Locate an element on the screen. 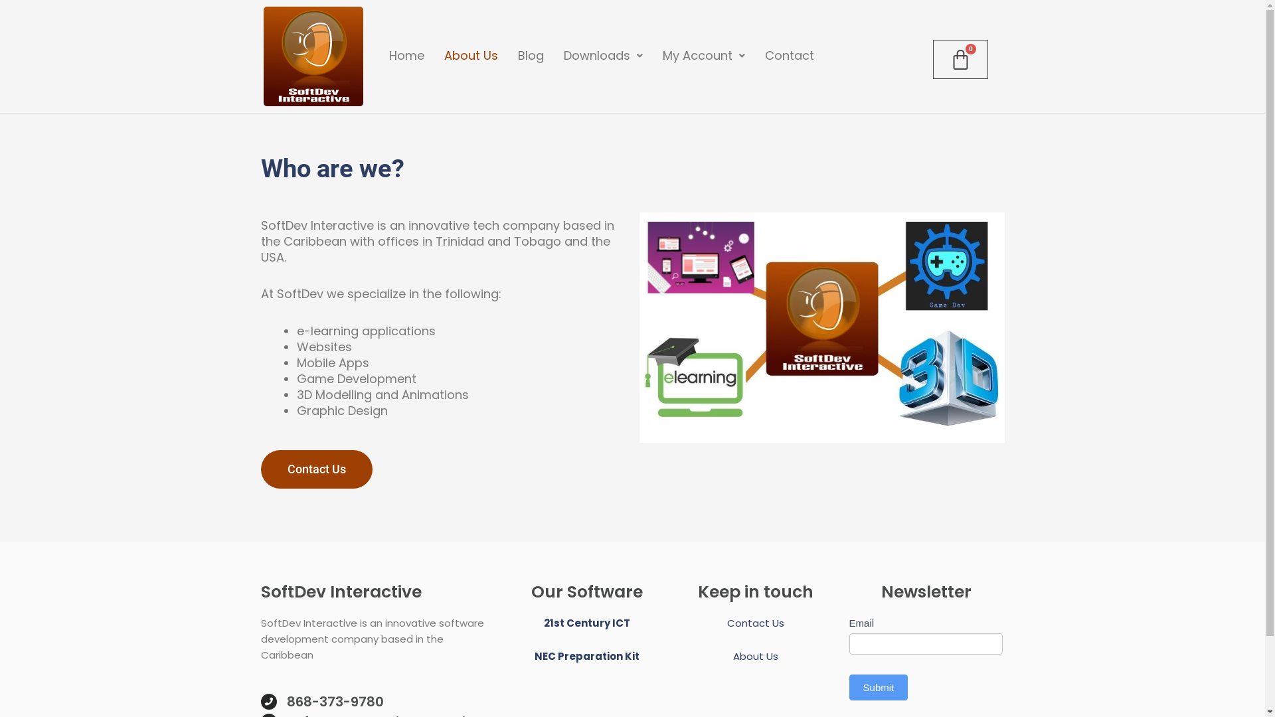 The width and height of the screenshot is (1275, 717). 'My Account' is located at coordinates (703, 55).